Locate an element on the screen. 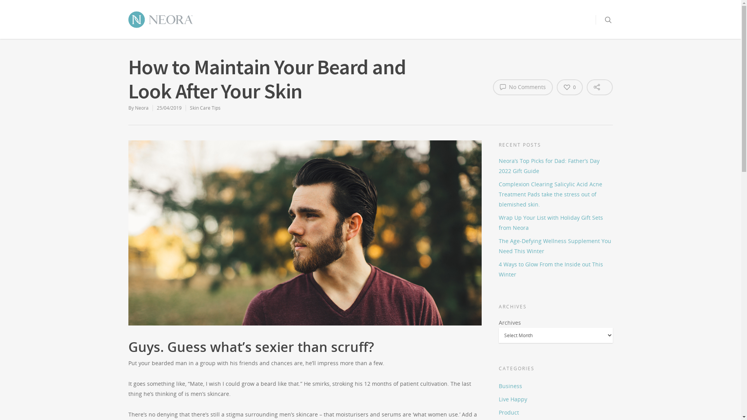 This screenshot has height=420, width=747. 'Business' is located at coordinates (555, 386).